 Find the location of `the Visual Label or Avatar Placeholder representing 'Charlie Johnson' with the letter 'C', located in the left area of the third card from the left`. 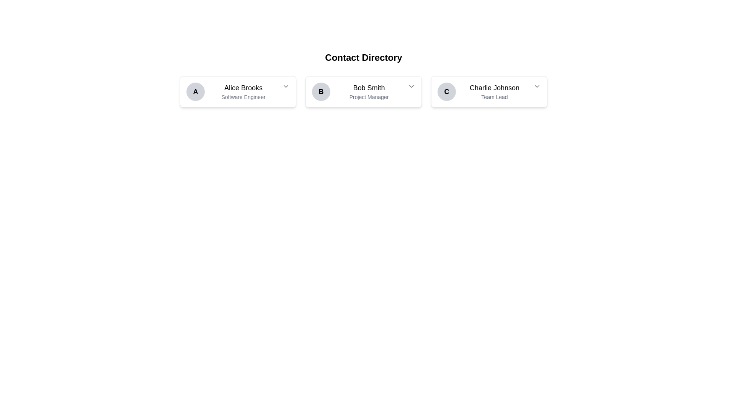

the Visual Label or Avatar Placeholder representing 'Charlie Johnson' with the letter 'C', located in the left area of the third card from the left is located at coordinates (446, 91).